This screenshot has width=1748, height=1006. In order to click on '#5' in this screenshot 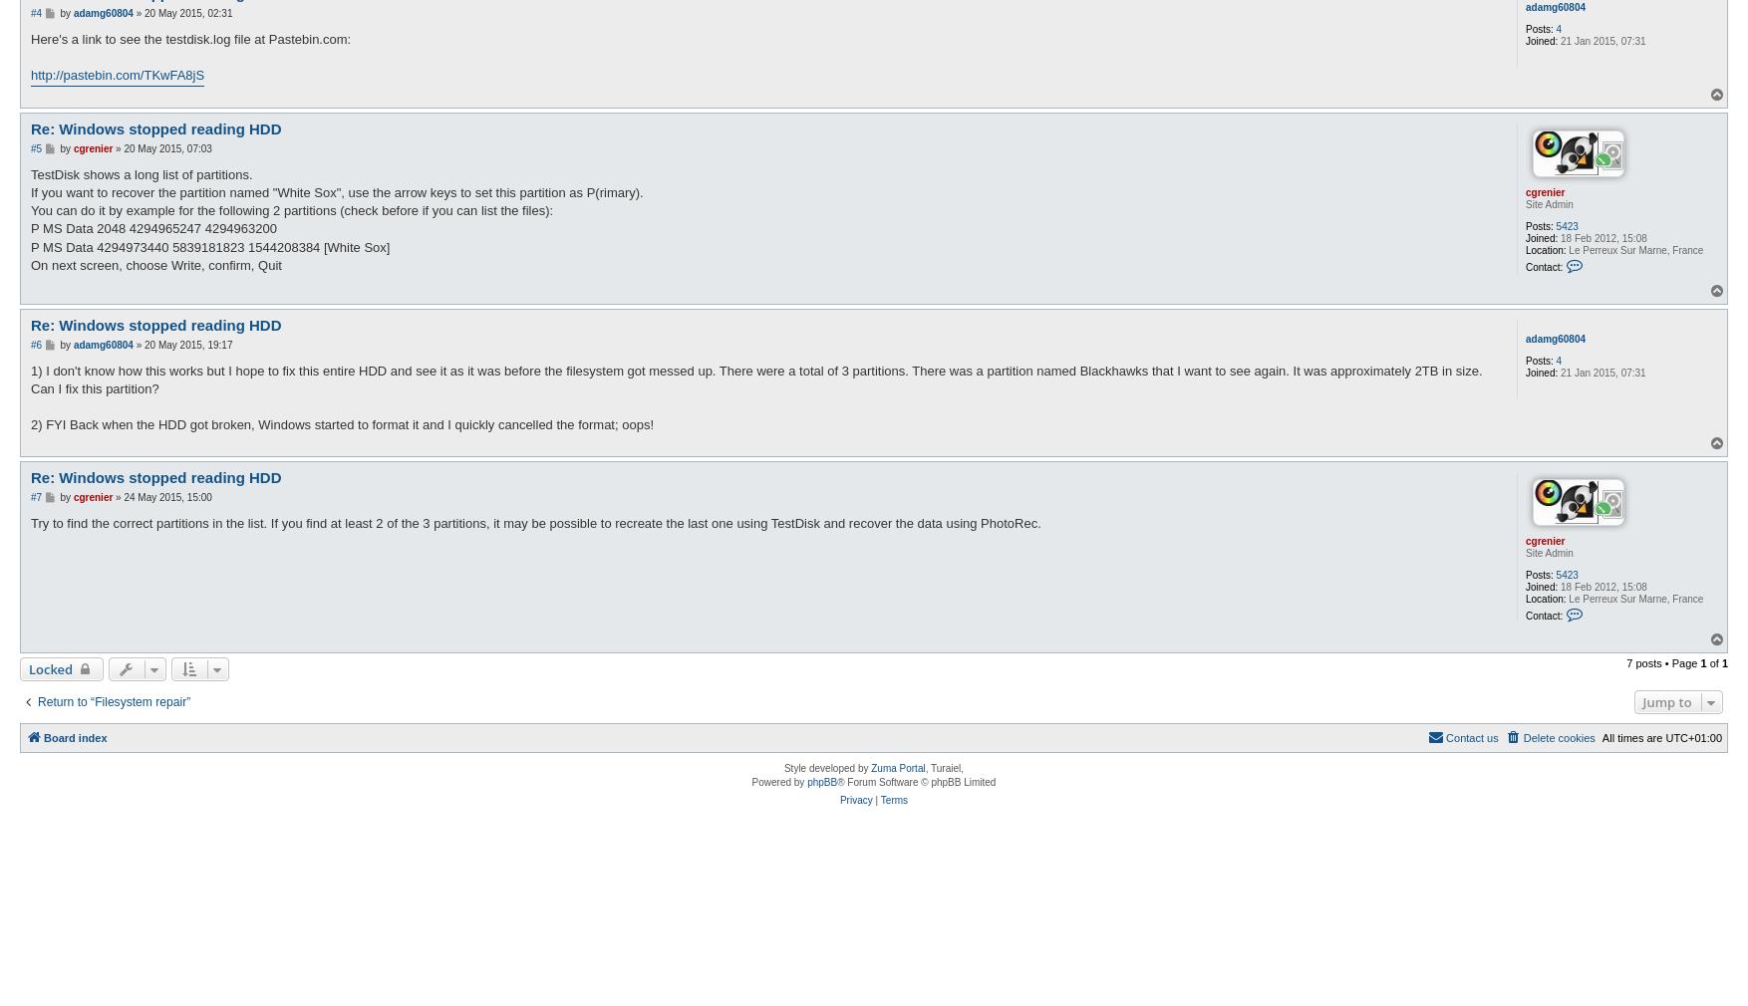, I will do `click(36, 146)`.